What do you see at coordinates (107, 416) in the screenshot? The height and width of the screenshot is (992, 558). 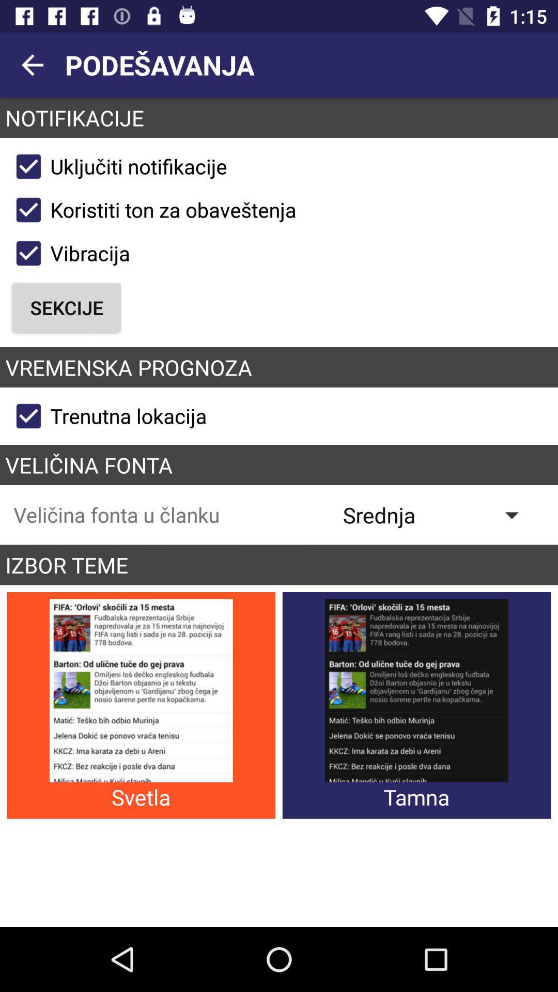 I see `the trenutna lokacija icon` at bounding box center [107, 416].